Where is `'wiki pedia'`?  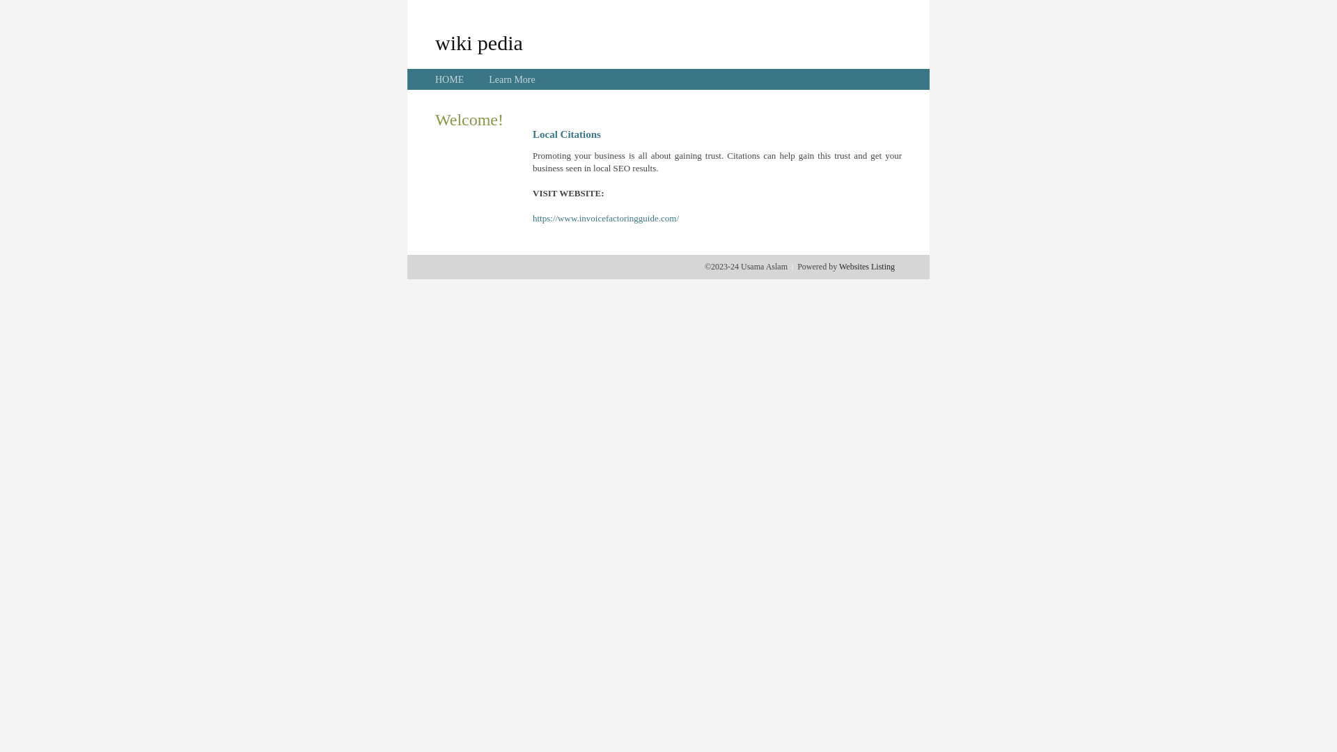
'wiki pedia' is located at coordinates (478, 42).